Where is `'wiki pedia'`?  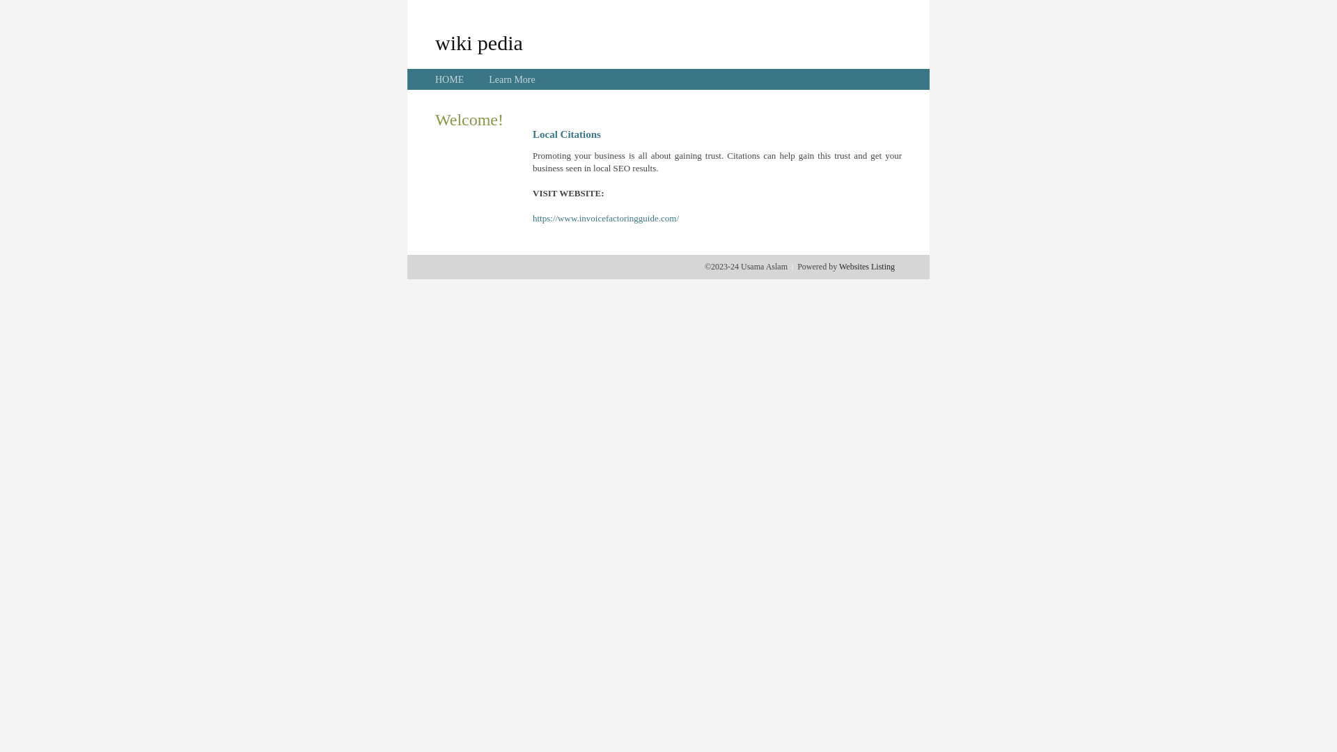
'wiki pedia' is located at coordinates (478, 42).